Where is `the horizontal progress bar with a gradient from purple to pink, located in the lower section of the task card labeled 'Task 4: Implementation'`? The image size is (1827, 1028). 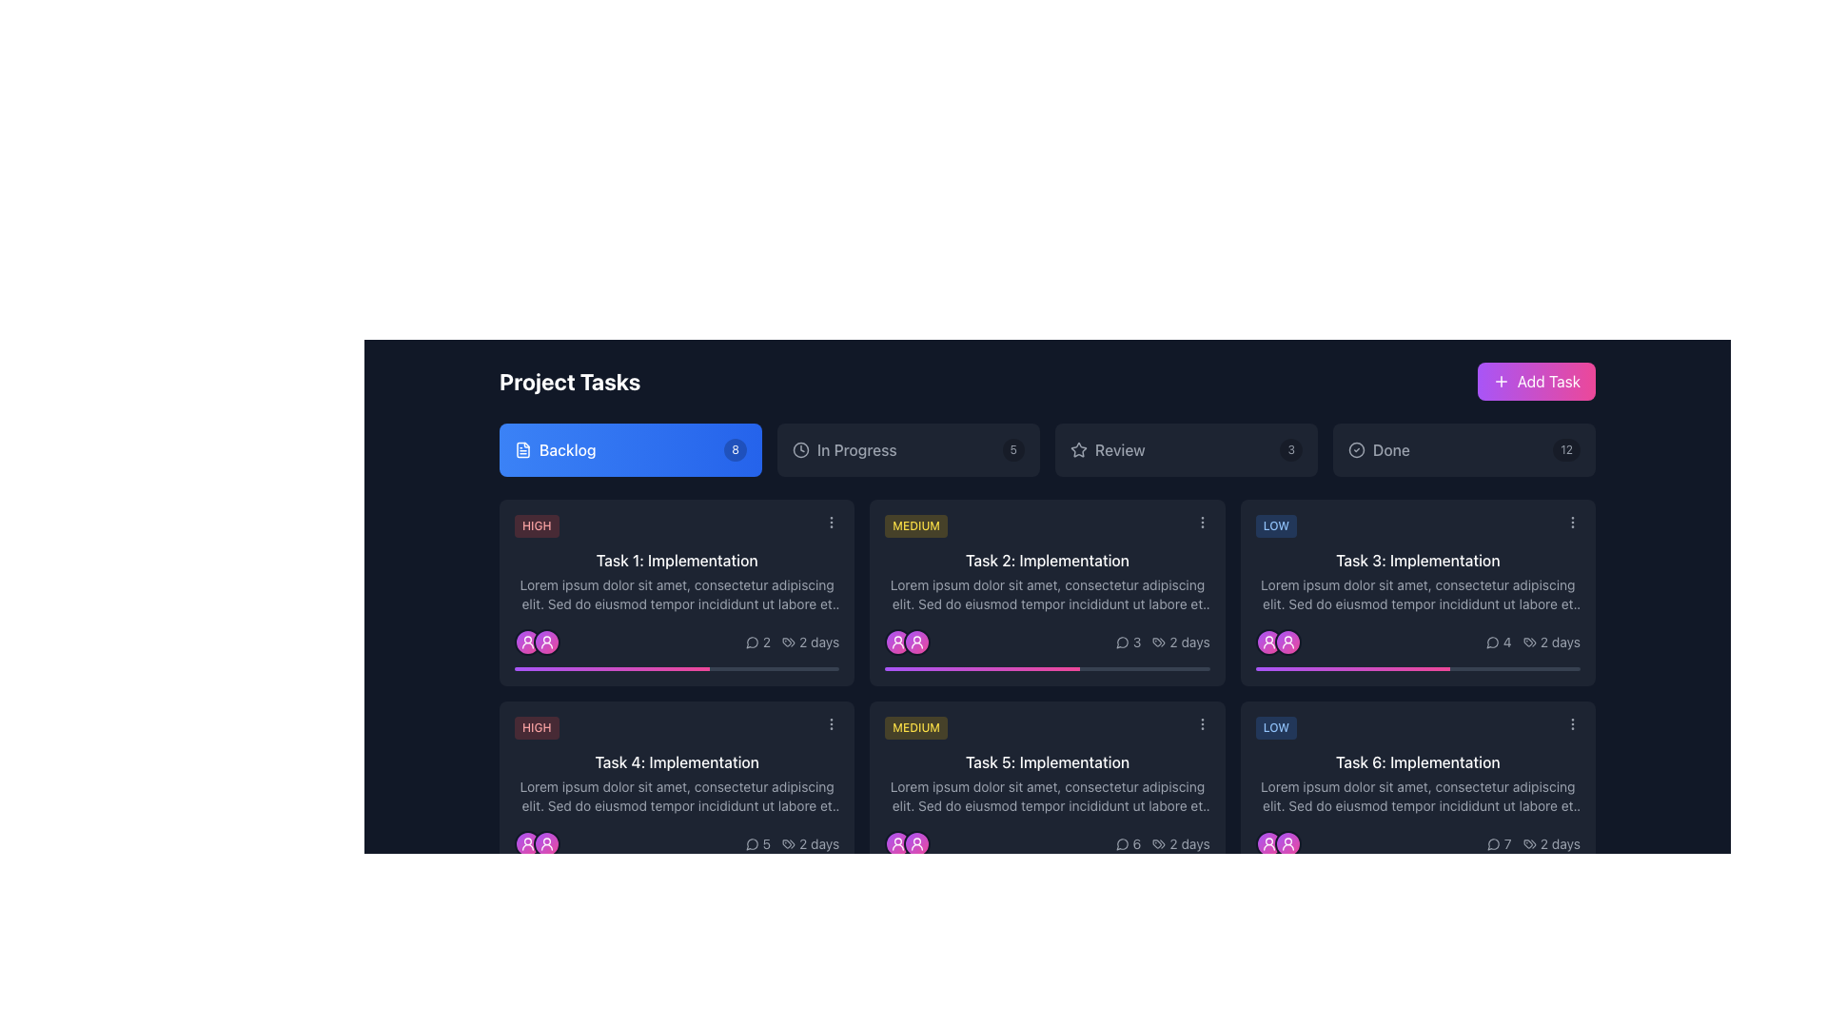
the horizontal progress bar with a gradient from purple to pink, located in the lower section of the task card labeled 'Task 4: Implementation' is located at coordinates (677, 870).